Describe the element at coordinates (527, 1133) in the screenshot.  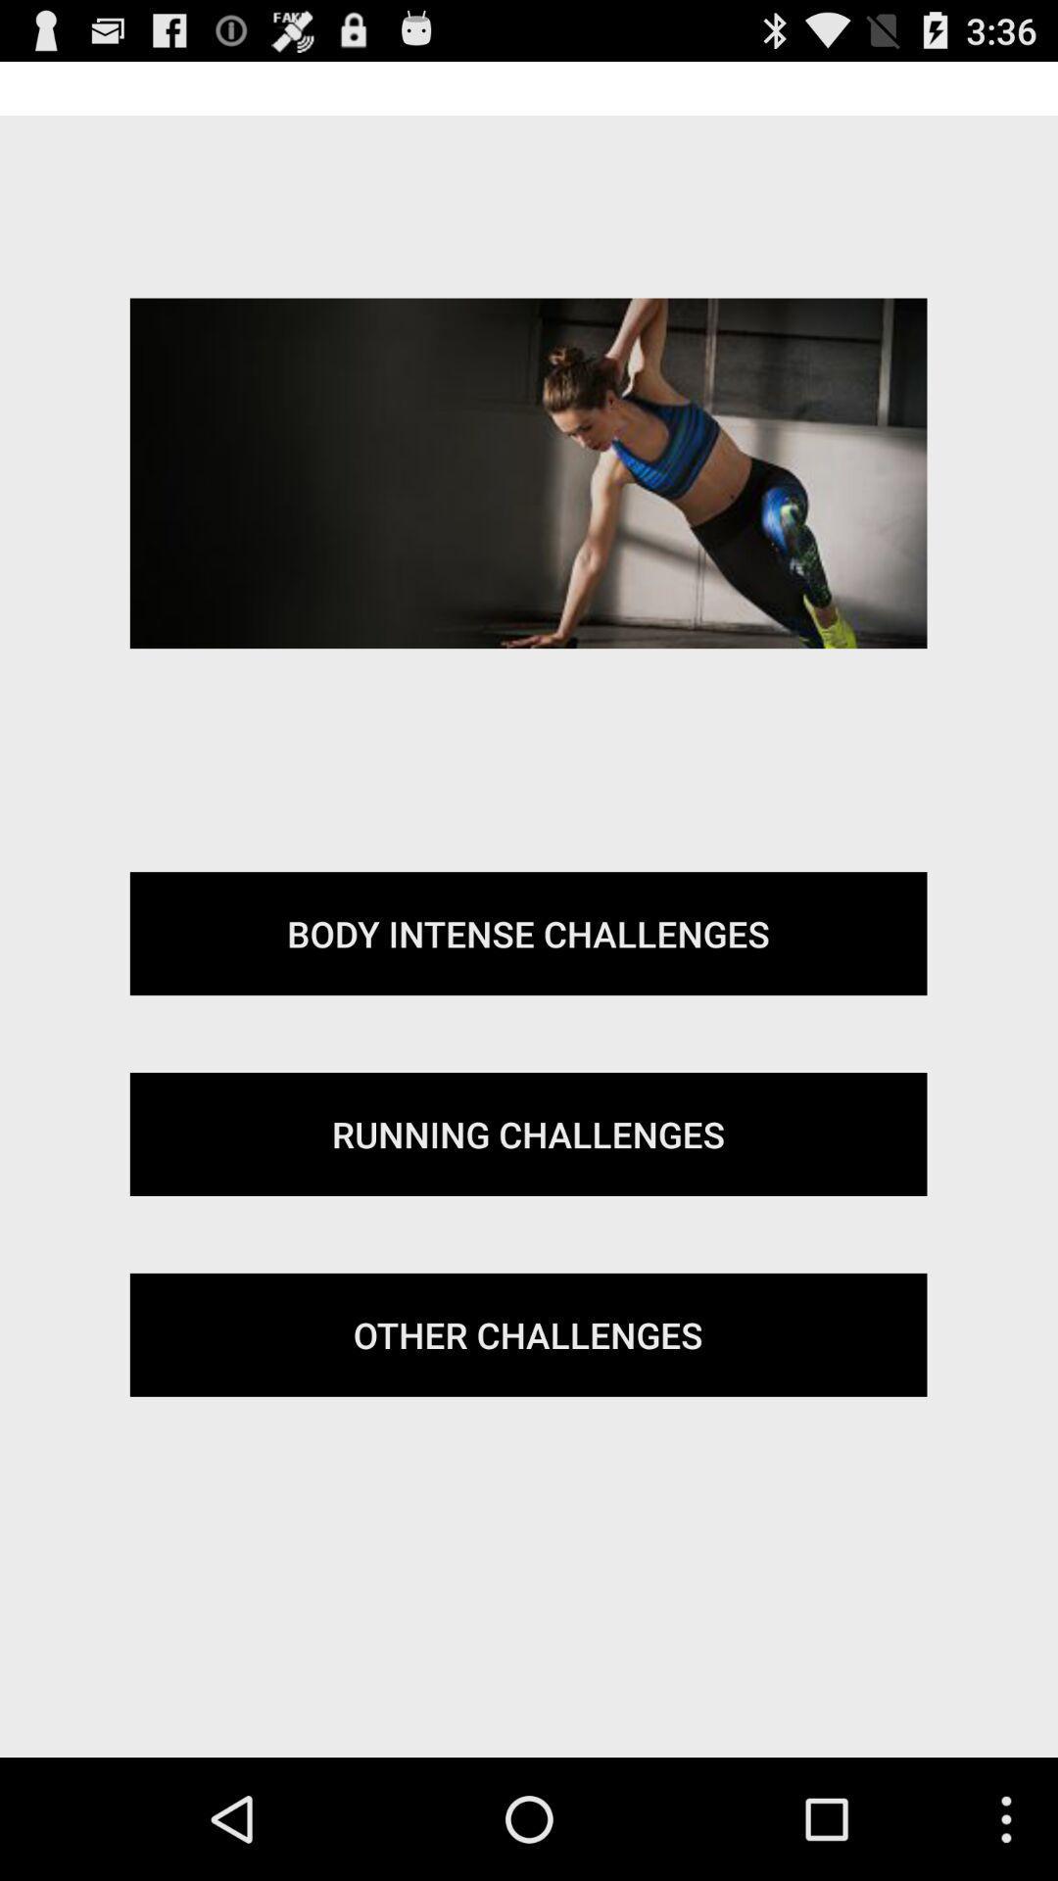
I see `the item above the other challenges icon` at that location.